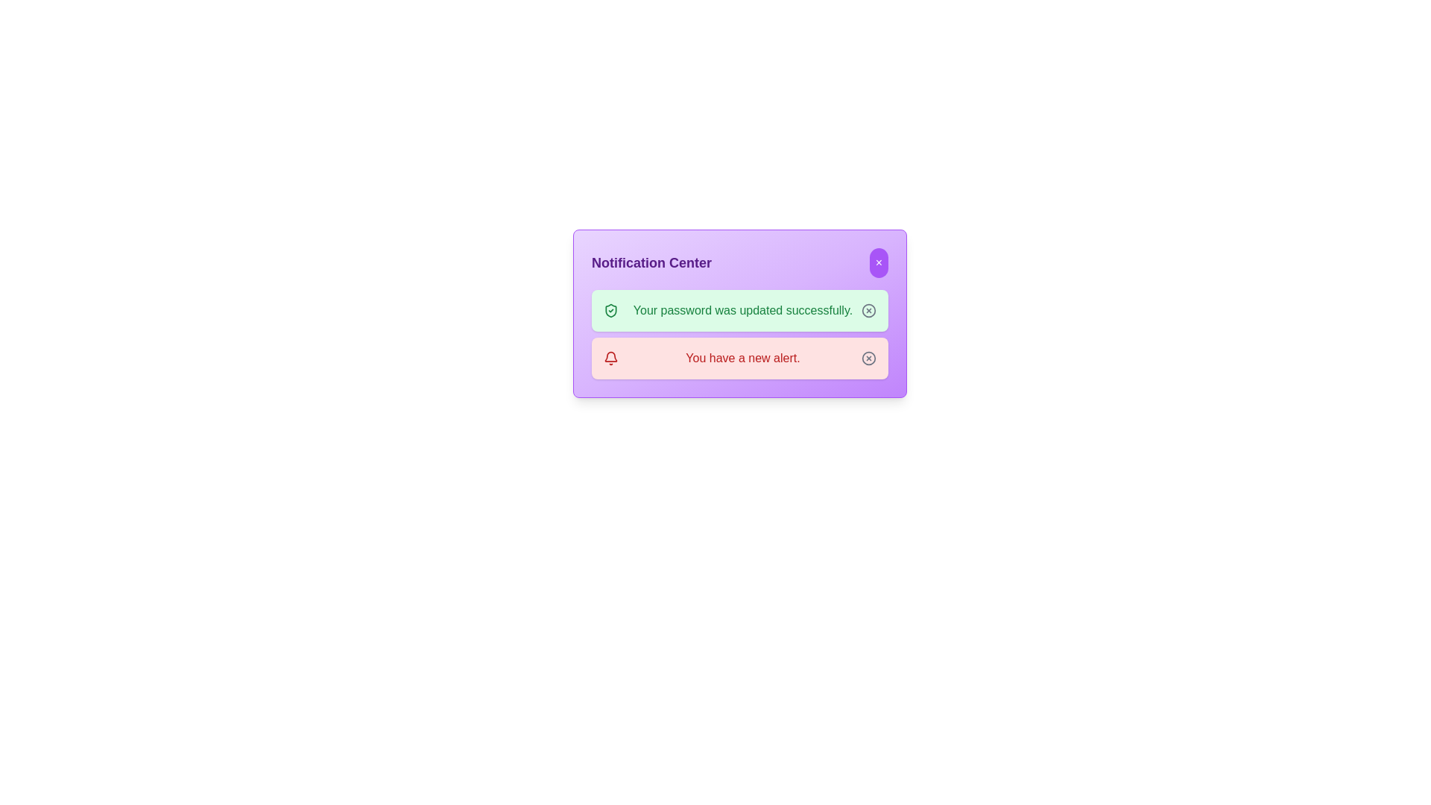 The height and width of the screenshot is (805, 1431). What do you see at coordinates (611, 359) in the screenshot?
I see `the bell icon, which is a two-tone SVG icon used for notifications, located in the second row of the alert notification panel, next to 'You have a new alert.'` at bounding box center [611, 359].